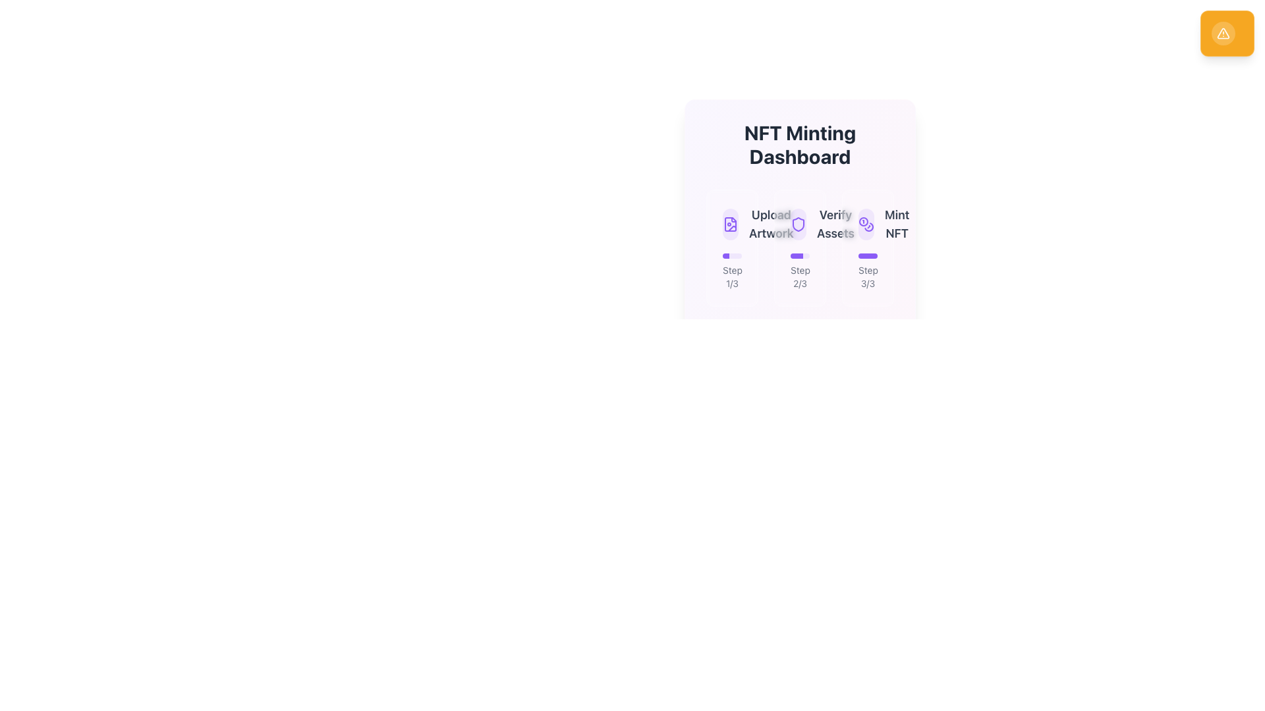 This screenshot has height=711, width=1265. What do you see at coordinates (797, 223) in the screenshot?
I see `the Vector graphic icon representing verification or security in the 'Verify Assets' section of the three-step process interface` at bounding box center [797, 223].